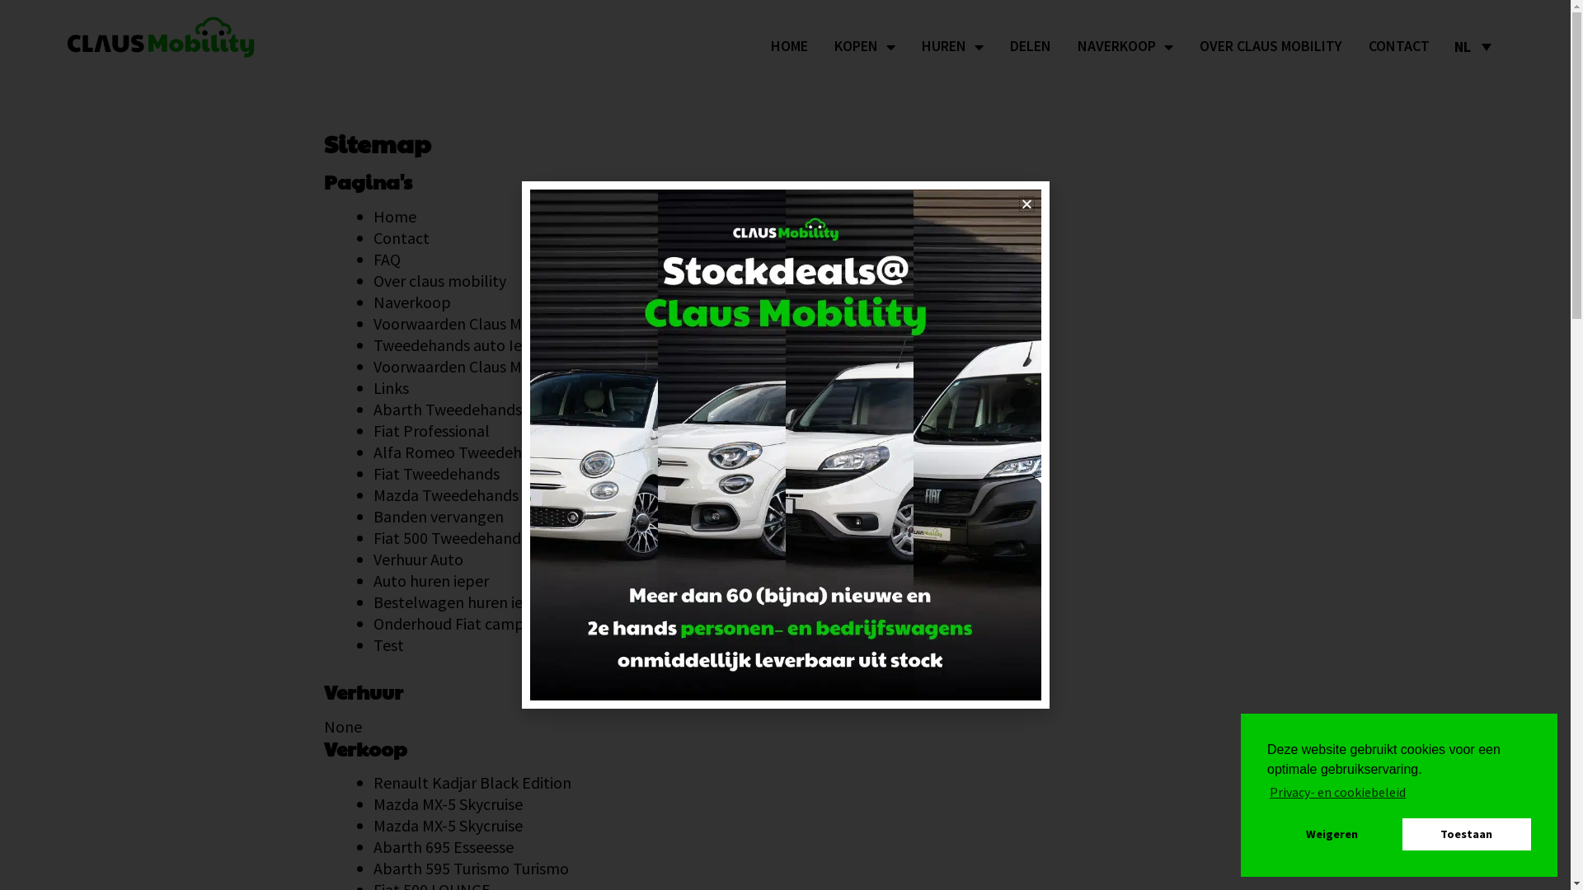  What do you see at coordinates (1270, 45) in the screenshot?
I see `'OVER CLAUS MOBILITY'` at bounding box center [1270, 45].